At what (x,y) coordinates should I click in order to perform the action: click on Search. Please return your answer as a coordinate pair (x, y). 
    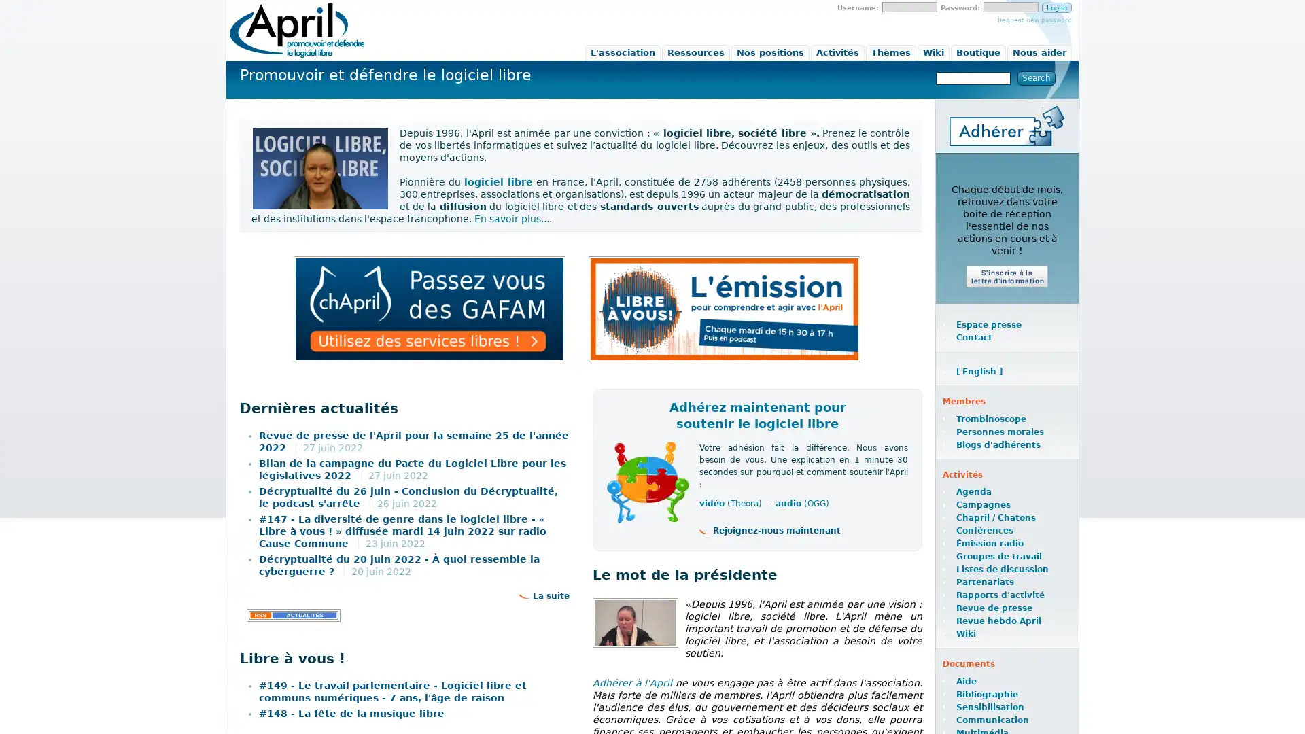
    Looking at the image, I should click on (1036, 78).